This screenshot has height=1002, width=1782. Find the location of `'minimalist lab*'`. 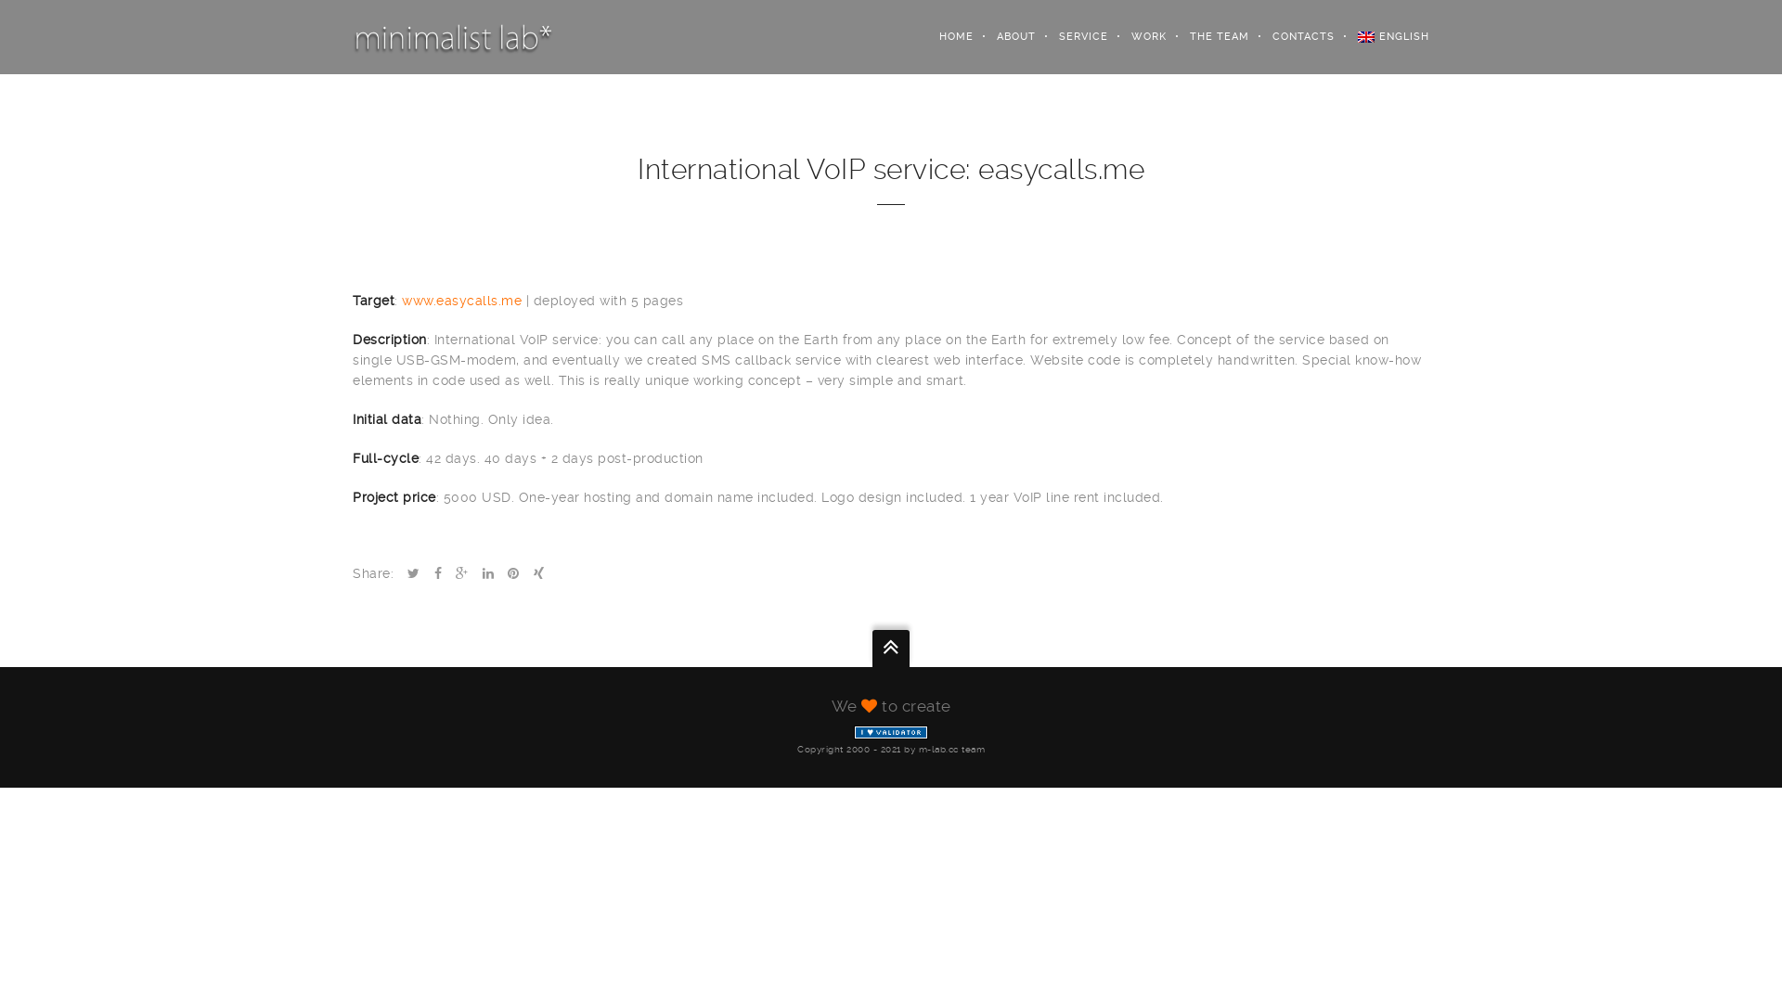

'minimalist lab*' is located at coordinates (352, 36).